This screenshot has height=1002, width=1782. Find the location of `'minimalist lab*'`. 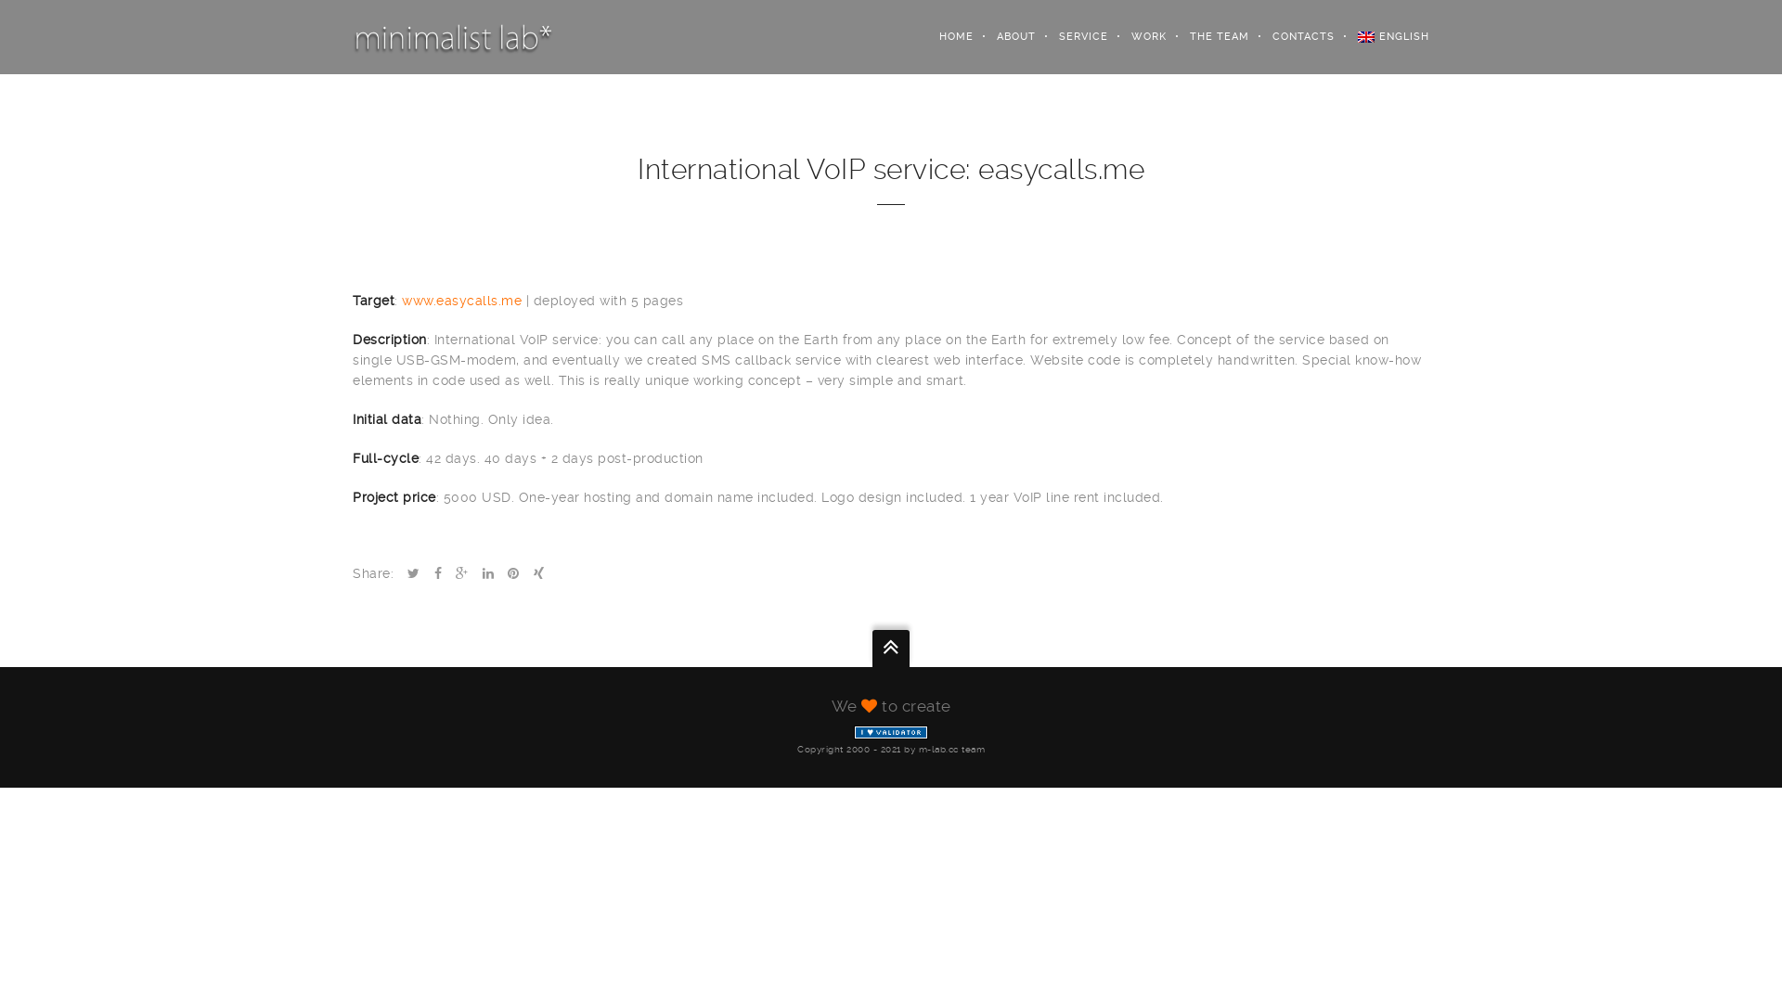

'minimalist lab*' is located at coordinates (352, 36).